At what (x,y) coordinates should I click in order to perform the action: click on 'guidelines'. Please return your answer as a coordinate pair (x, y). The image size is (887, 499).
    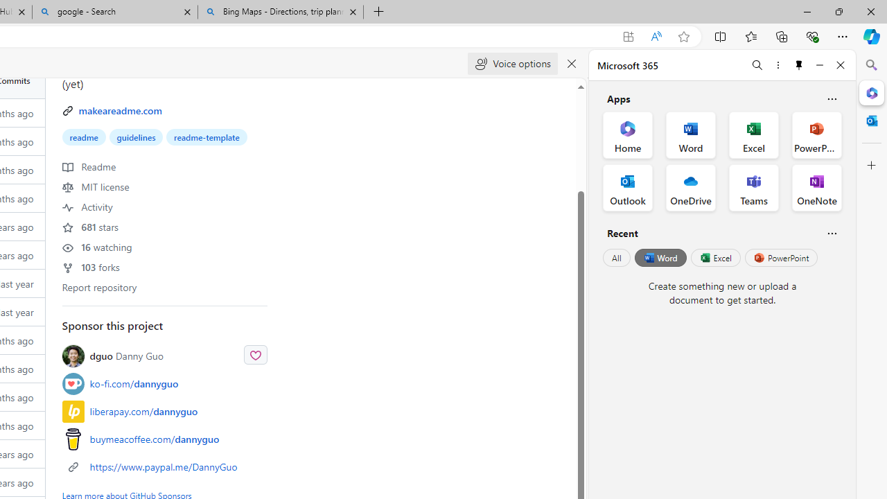
    Looking at the image, I should click on (136, 137).